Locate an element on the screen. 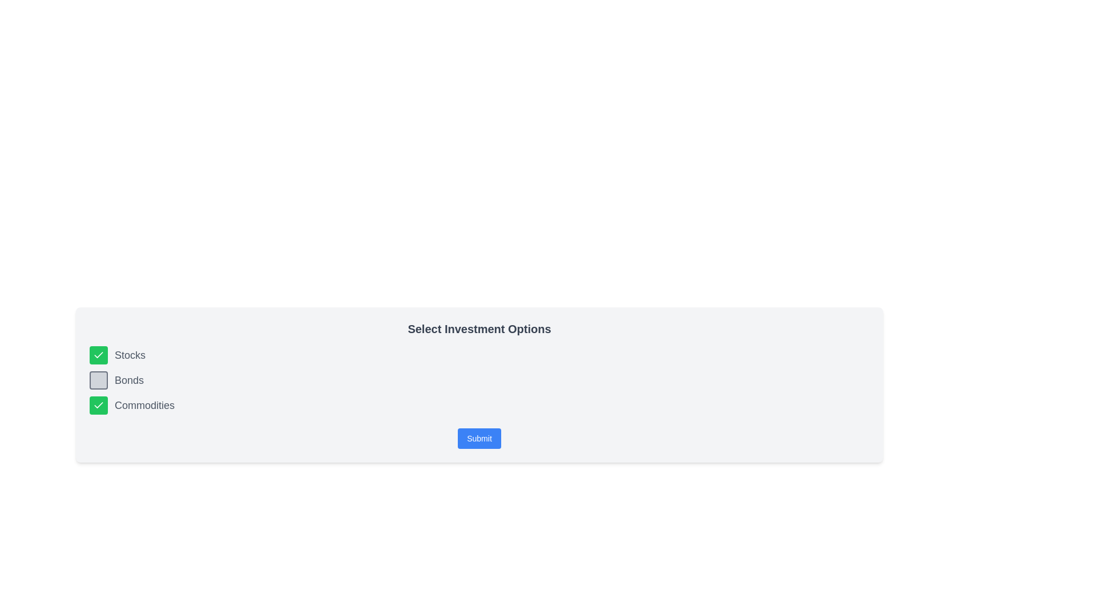  the checkmark icon inside the green box associated with the 'Commodities' label to use the surrounding checkbox functionality is located at coordinates (98, 404).